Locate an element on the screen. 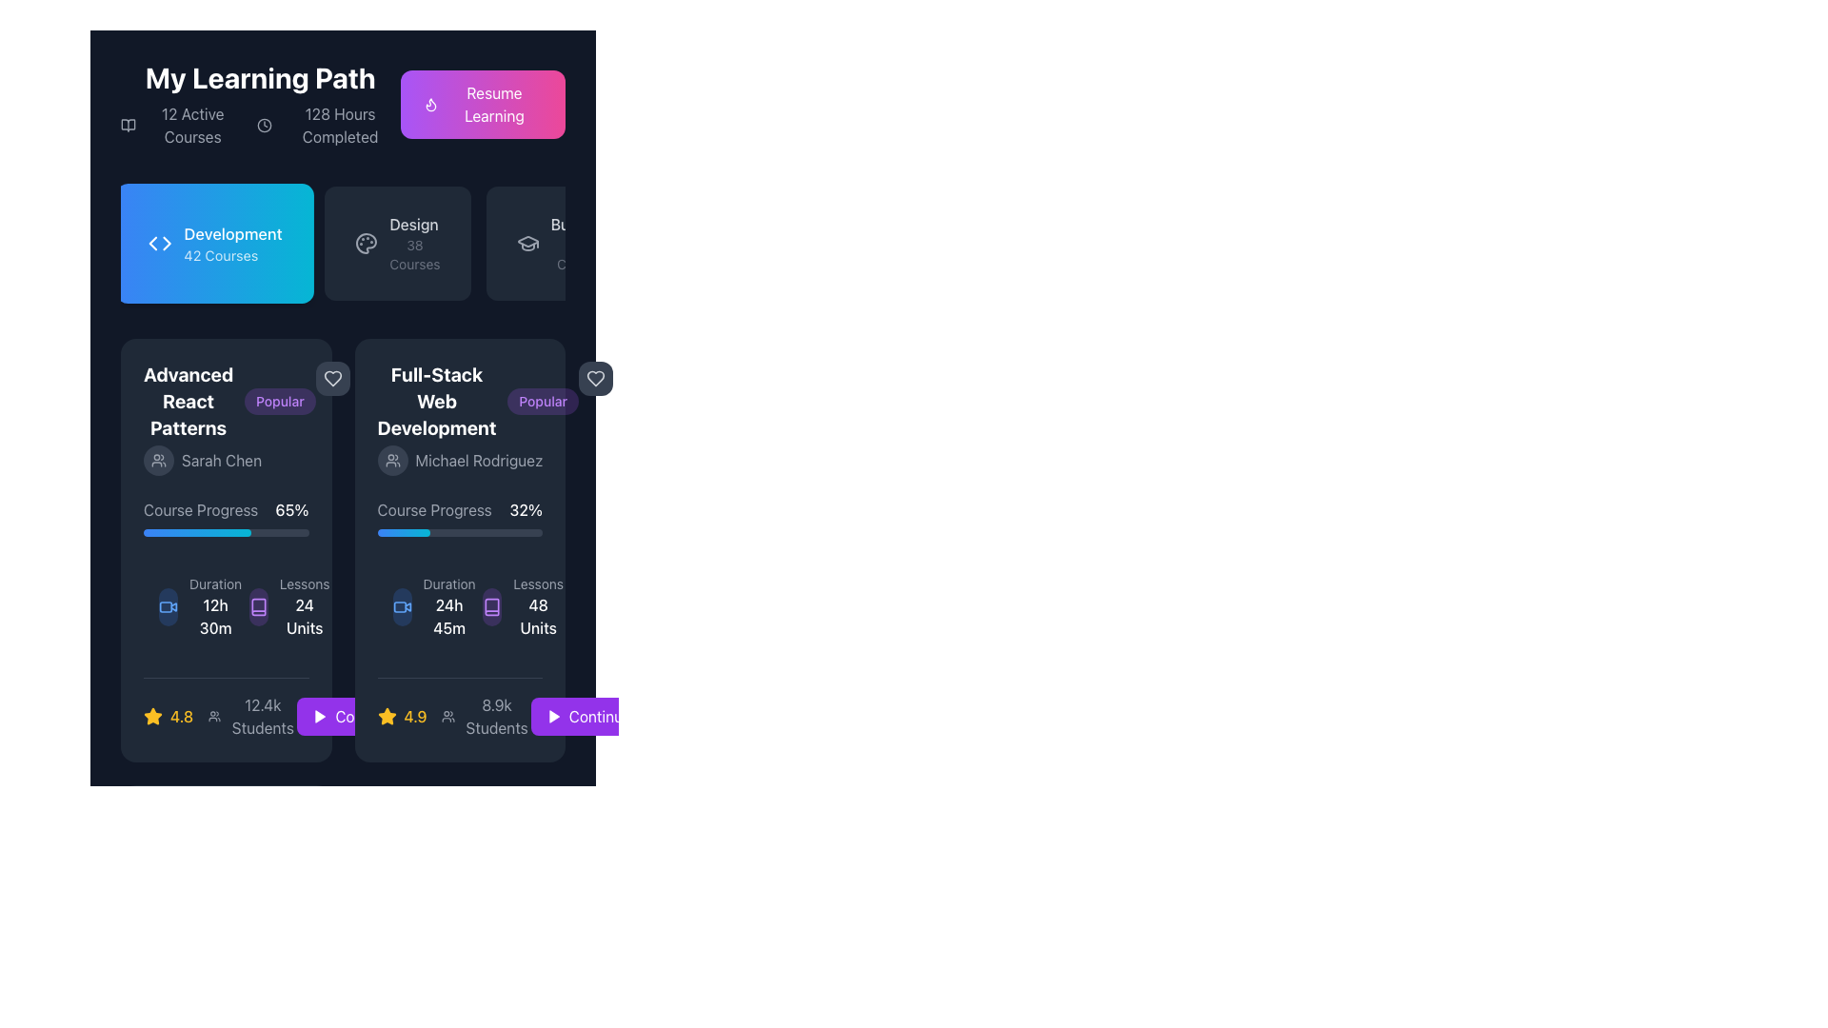 The image size is (1828, 1028). the 'Course Progress' text label, which is light gray and positioned above the progress percentage in the 'Full-Stack Web Development' card is located at coordinates (433, 509).